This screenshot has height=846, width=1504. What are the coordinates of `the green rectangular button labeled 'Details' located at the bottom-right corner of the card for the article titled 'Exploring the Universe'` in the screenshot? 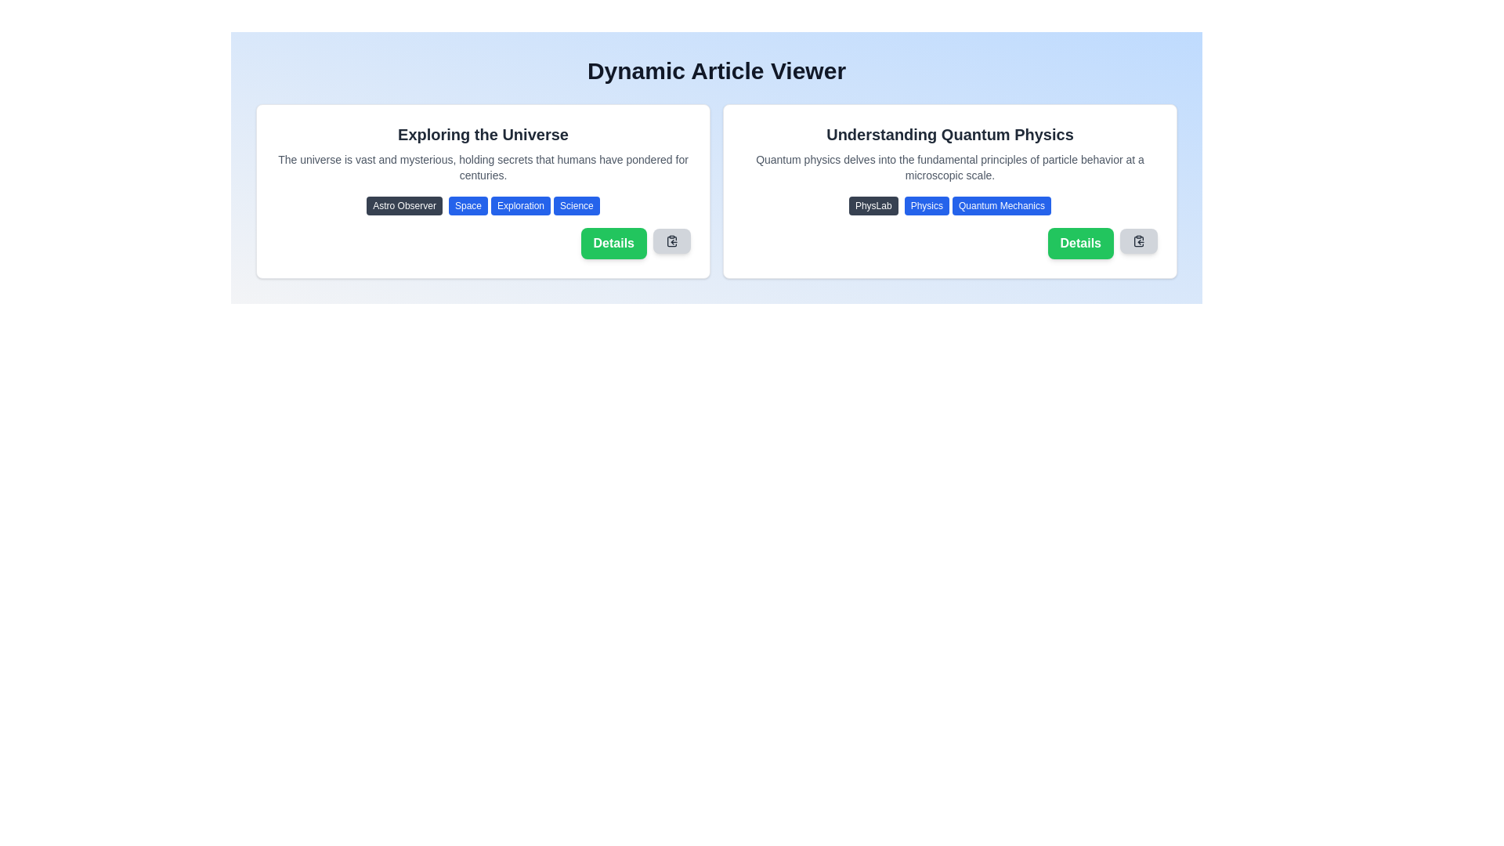 It's located at (613, 244).